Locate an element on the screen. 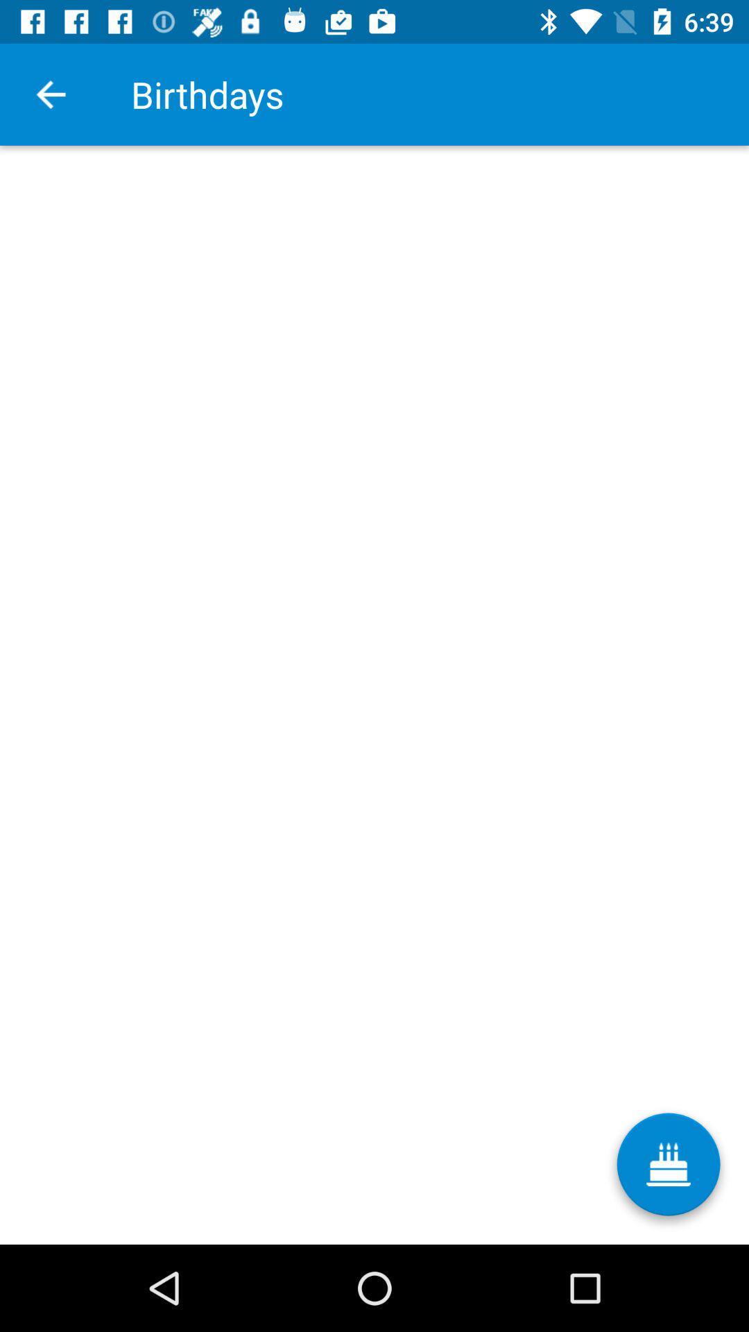 This screenshot has height=1332, width=749. icon below the birthdays item is located at coordinates (668, 1169).